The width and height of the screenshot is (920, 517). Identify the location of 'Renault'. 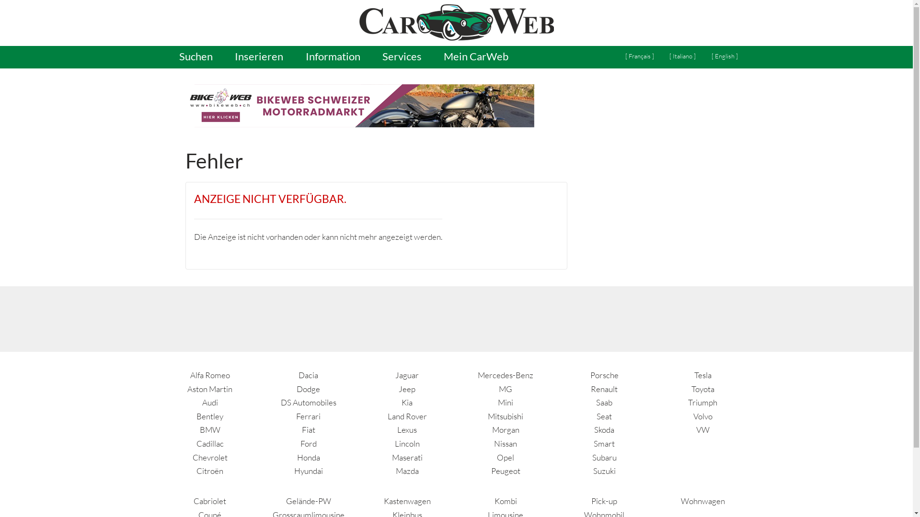
(604, 389).